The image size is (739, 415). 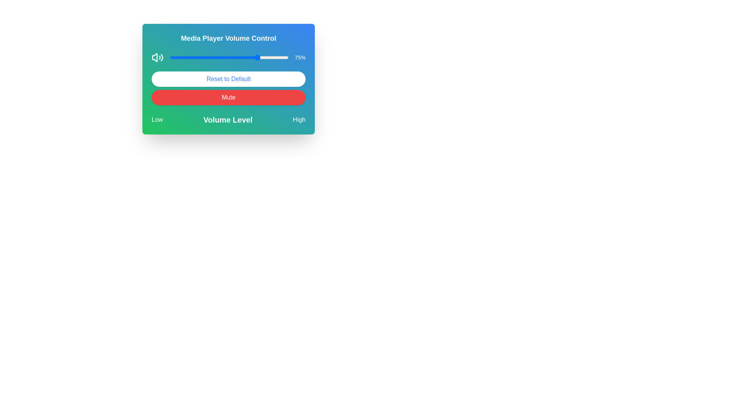 What do you see at coordinates (228, 79) in the screenshot?
I see `the horizontally elongated button with rounded corners labeled 'Reset to Default' to observe its background color change to light blue` at bounding box center [228, 79].